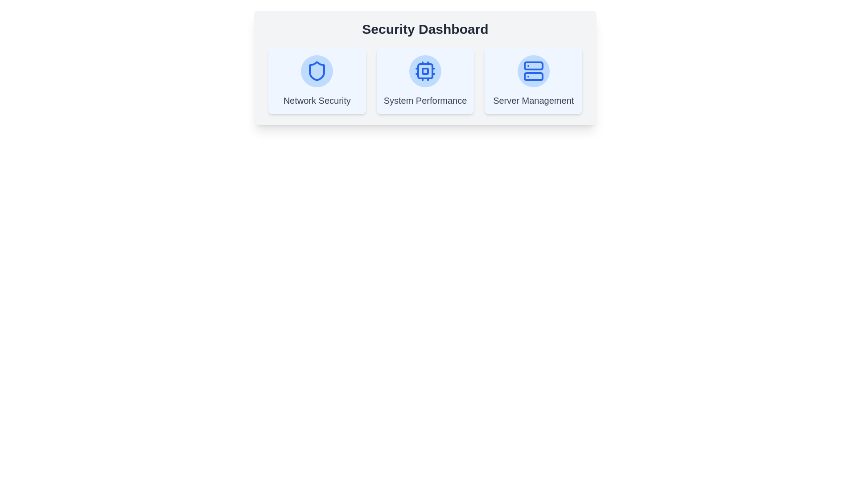 This screenshot has width=856, height=481. What do you see at coordinates (425, 70) in the screenshot?
I see `the central rectangle of the CPU icon, which is part of the 'System Performance' dashboard item` at bounding box center [425, 70].